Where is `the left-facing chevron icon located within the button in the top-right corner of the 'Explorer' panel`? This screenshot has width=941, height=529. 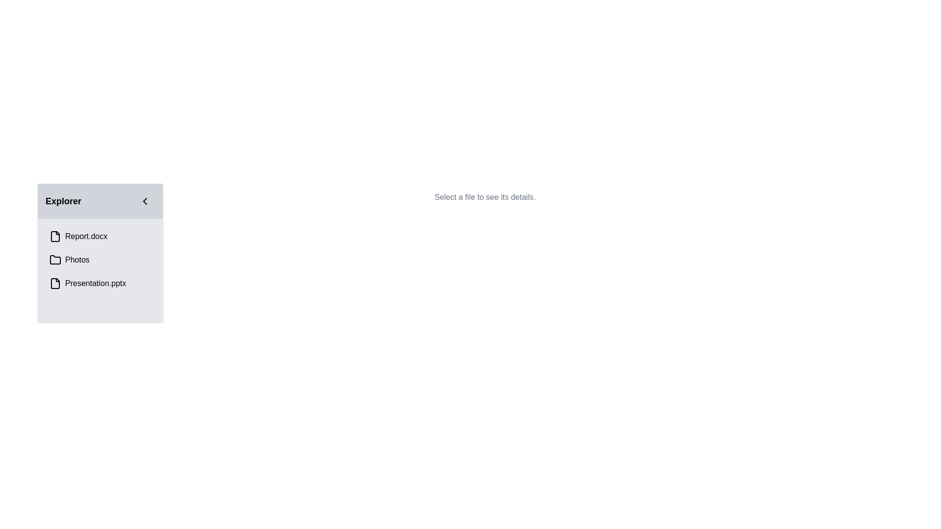 the left-facing chevron icon located within the button in the top-right corner of the 'Explorer' panel is located at coordinates (145, 201).